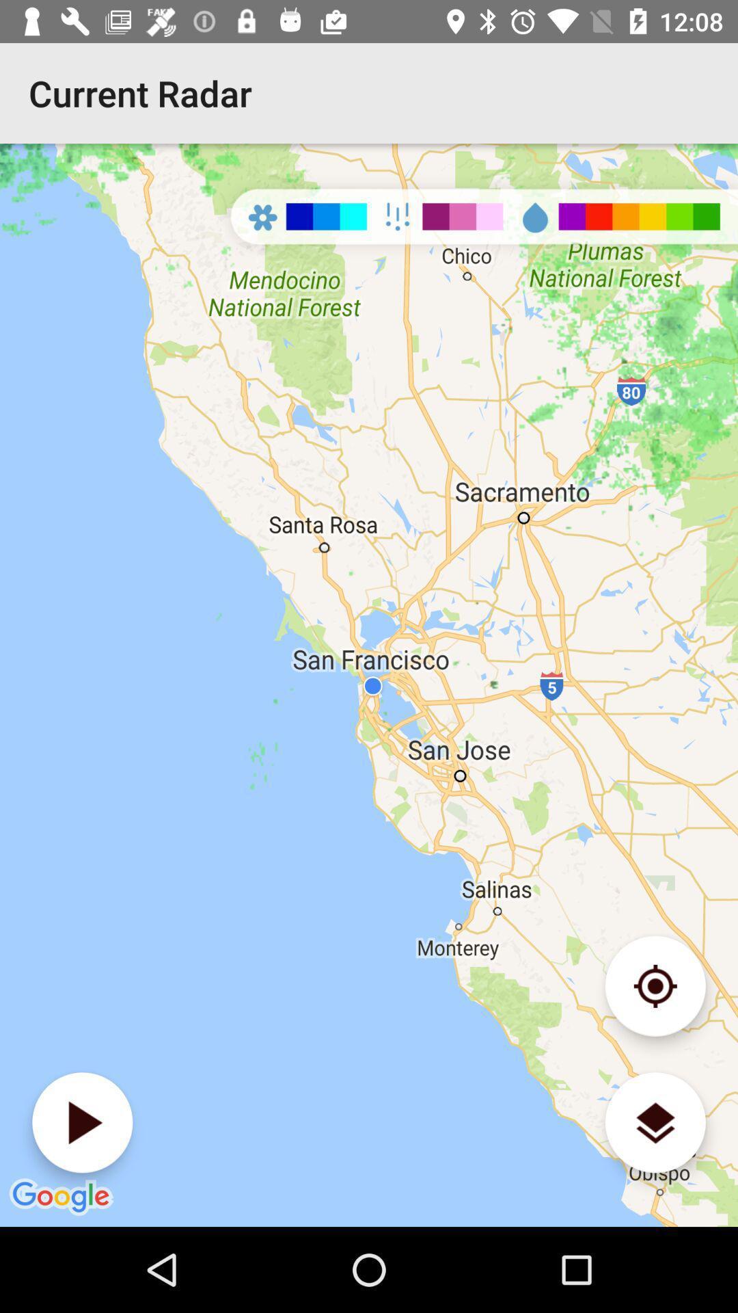 This screenshot has width=738, height=1313. Describe the element at coordinates (655, 986) in the screenshot. I see `your location` at that location.